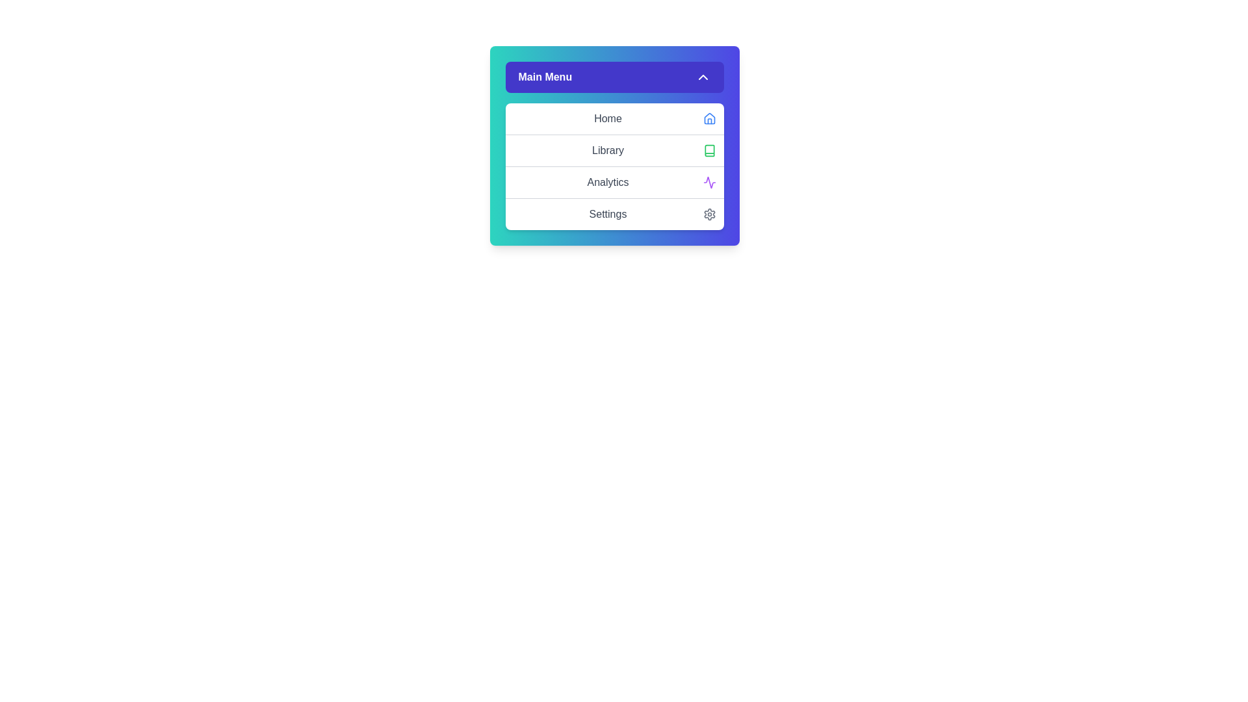  Describe the element at coordinates (708, 149) in the screenshot. I see `the icon associated with the Library menu item` at that location.